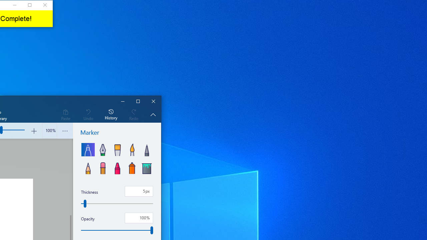 The width and height of the screenshot is (427, 240). Describe the element at coordinates (33, 131) in the screenshot. I see `'Zoom in'` at that location.